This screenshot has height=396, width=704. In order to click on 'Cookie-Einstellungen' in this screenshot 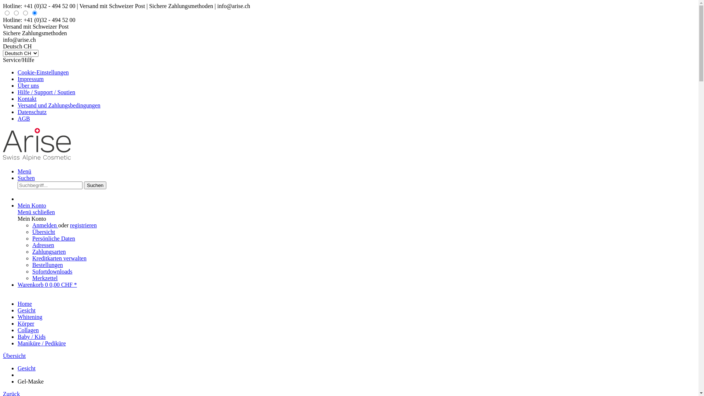, I will do `click(43, 72)`.